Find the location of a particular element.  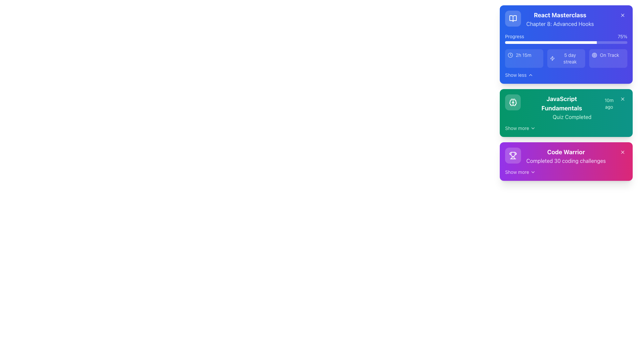

the circular close button with an 'X' icon located in the top-right corner of the 'Code Warrior' section card, which indicates a dismissal action is located at coordinates (622, 152).